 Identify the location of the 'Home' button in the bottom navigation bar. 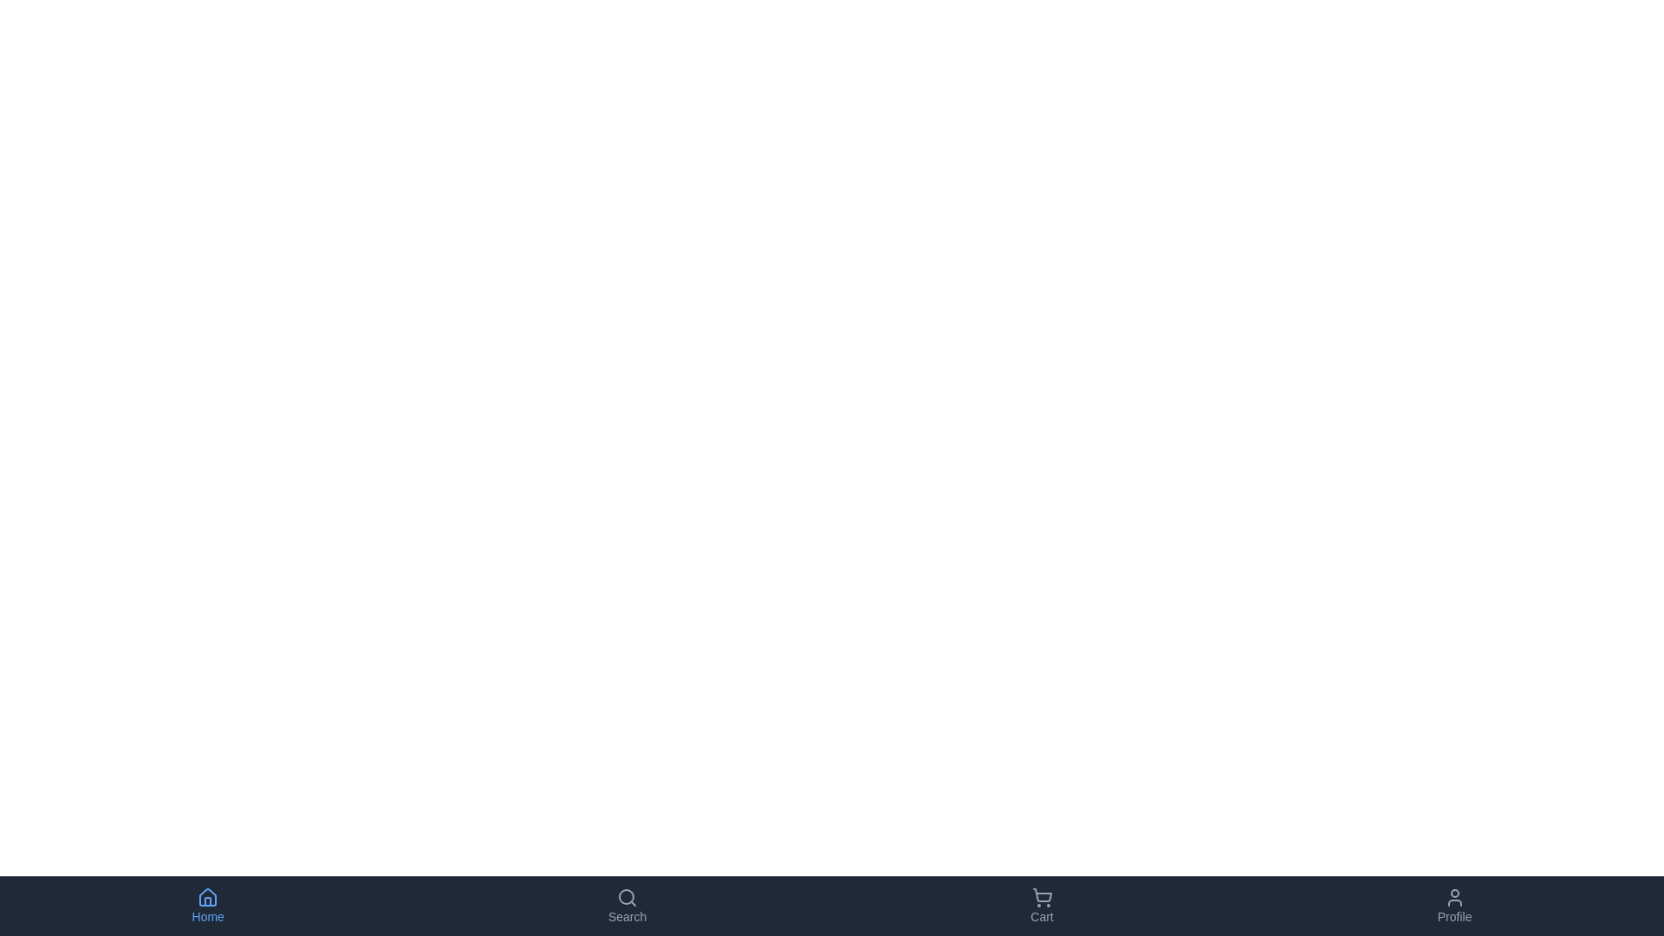
(208, 905).